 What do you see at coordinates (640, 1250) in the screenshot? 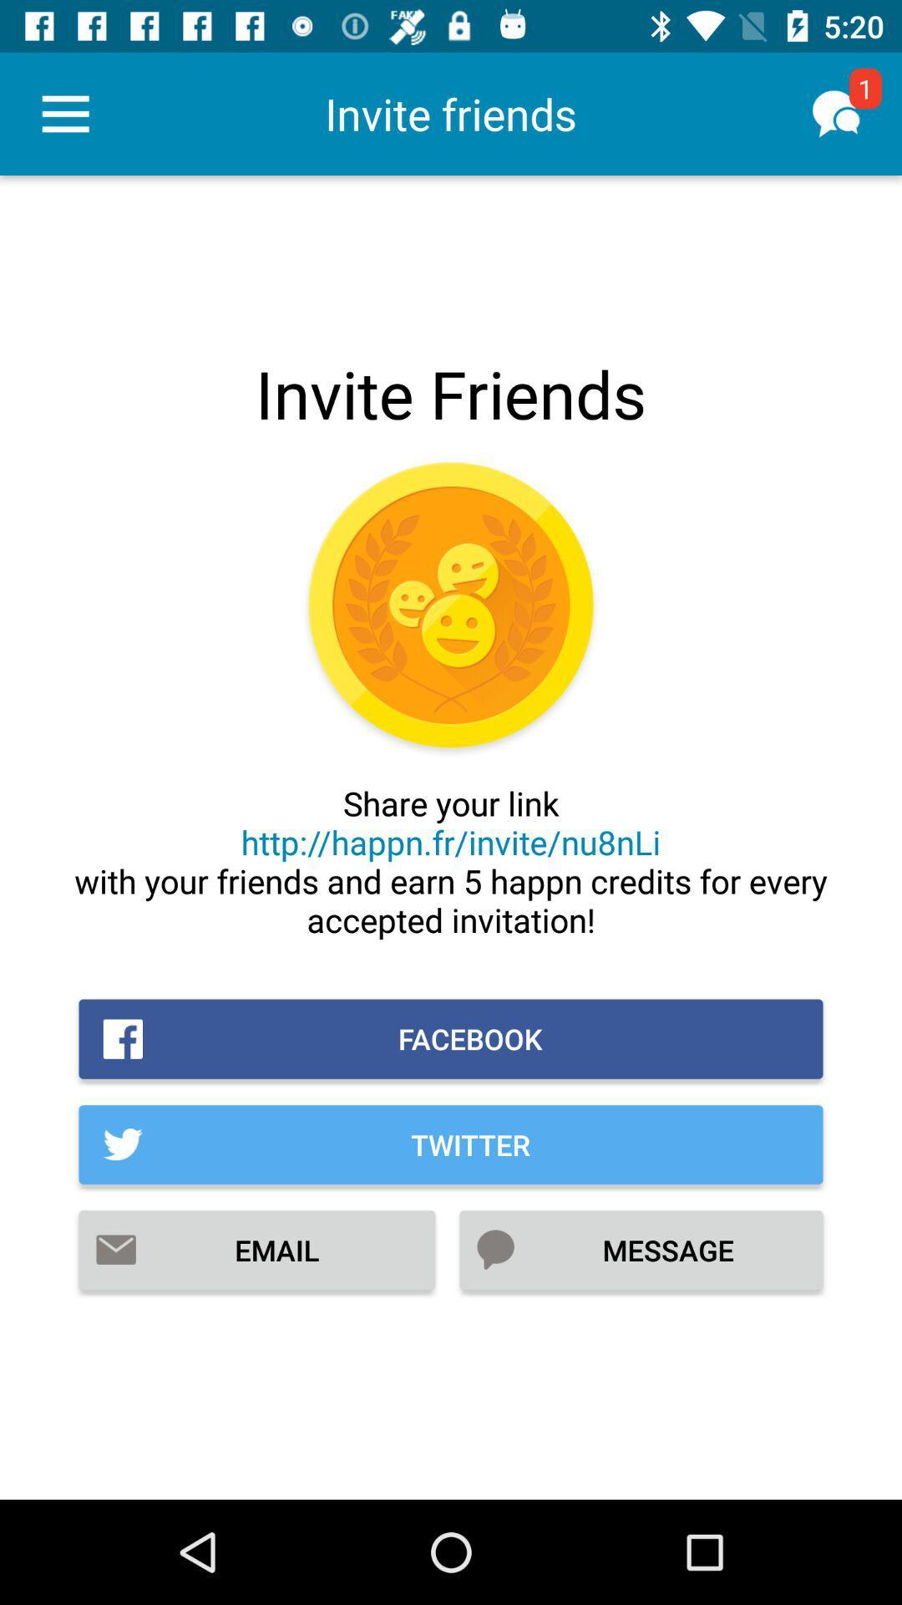
I see `message` at bounding box center [640, 1250].